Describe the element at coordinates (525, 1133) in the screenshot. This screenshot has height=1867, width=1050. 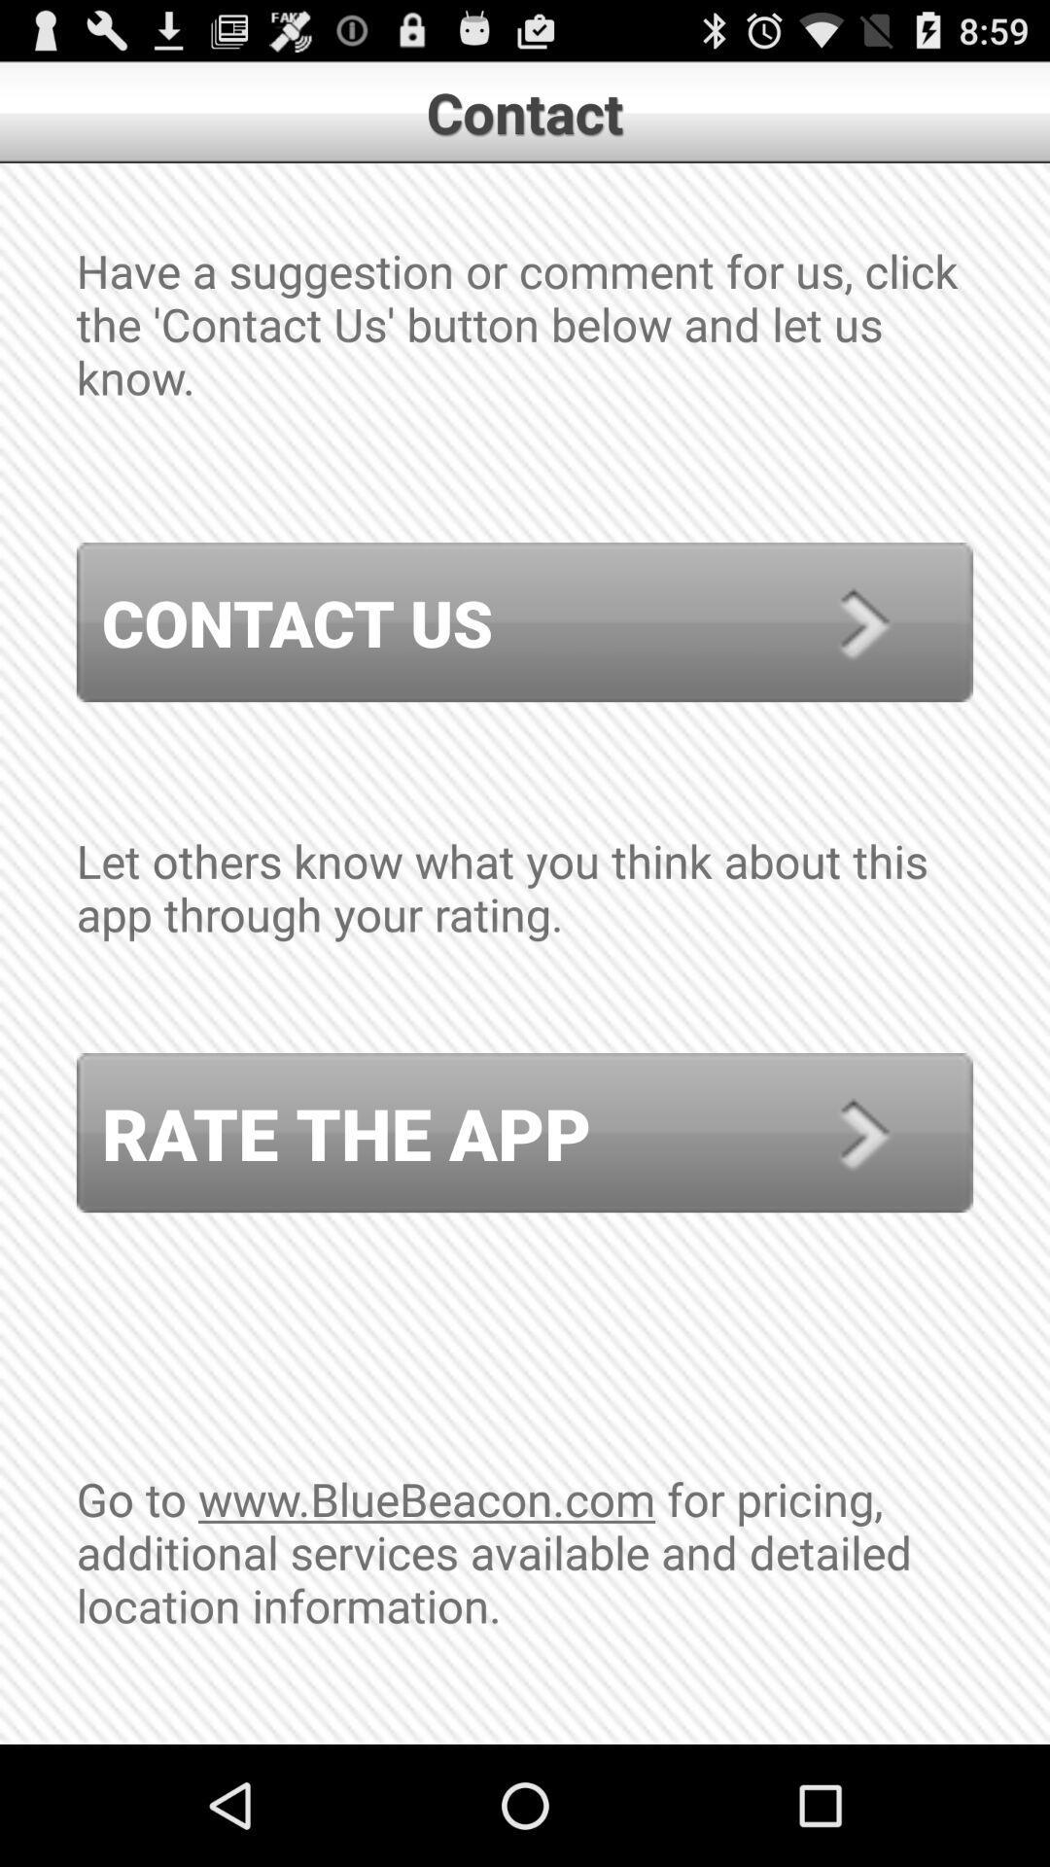
I see `icon below the let others know` at that location.